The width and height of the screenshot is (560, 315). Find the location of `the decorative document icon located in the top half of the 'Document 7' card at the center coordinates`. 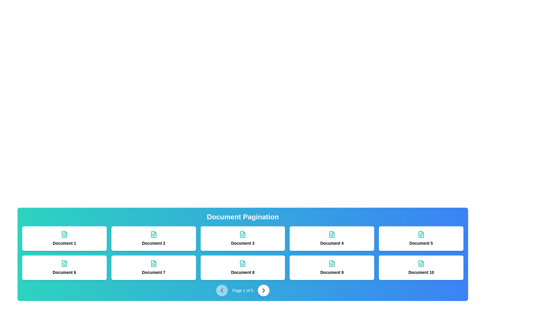

the decorative document icon located in the top half of the 'Document 7' card at the center coordinates is located at coordinates (153, 263).